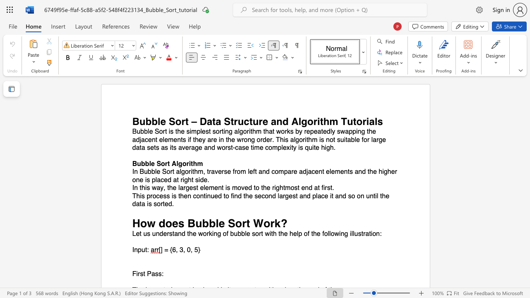 The width and height of the screenshot is (530, 298). I want to click on the space between the continuous character "i" and "r" in the text, so click(138, 274).